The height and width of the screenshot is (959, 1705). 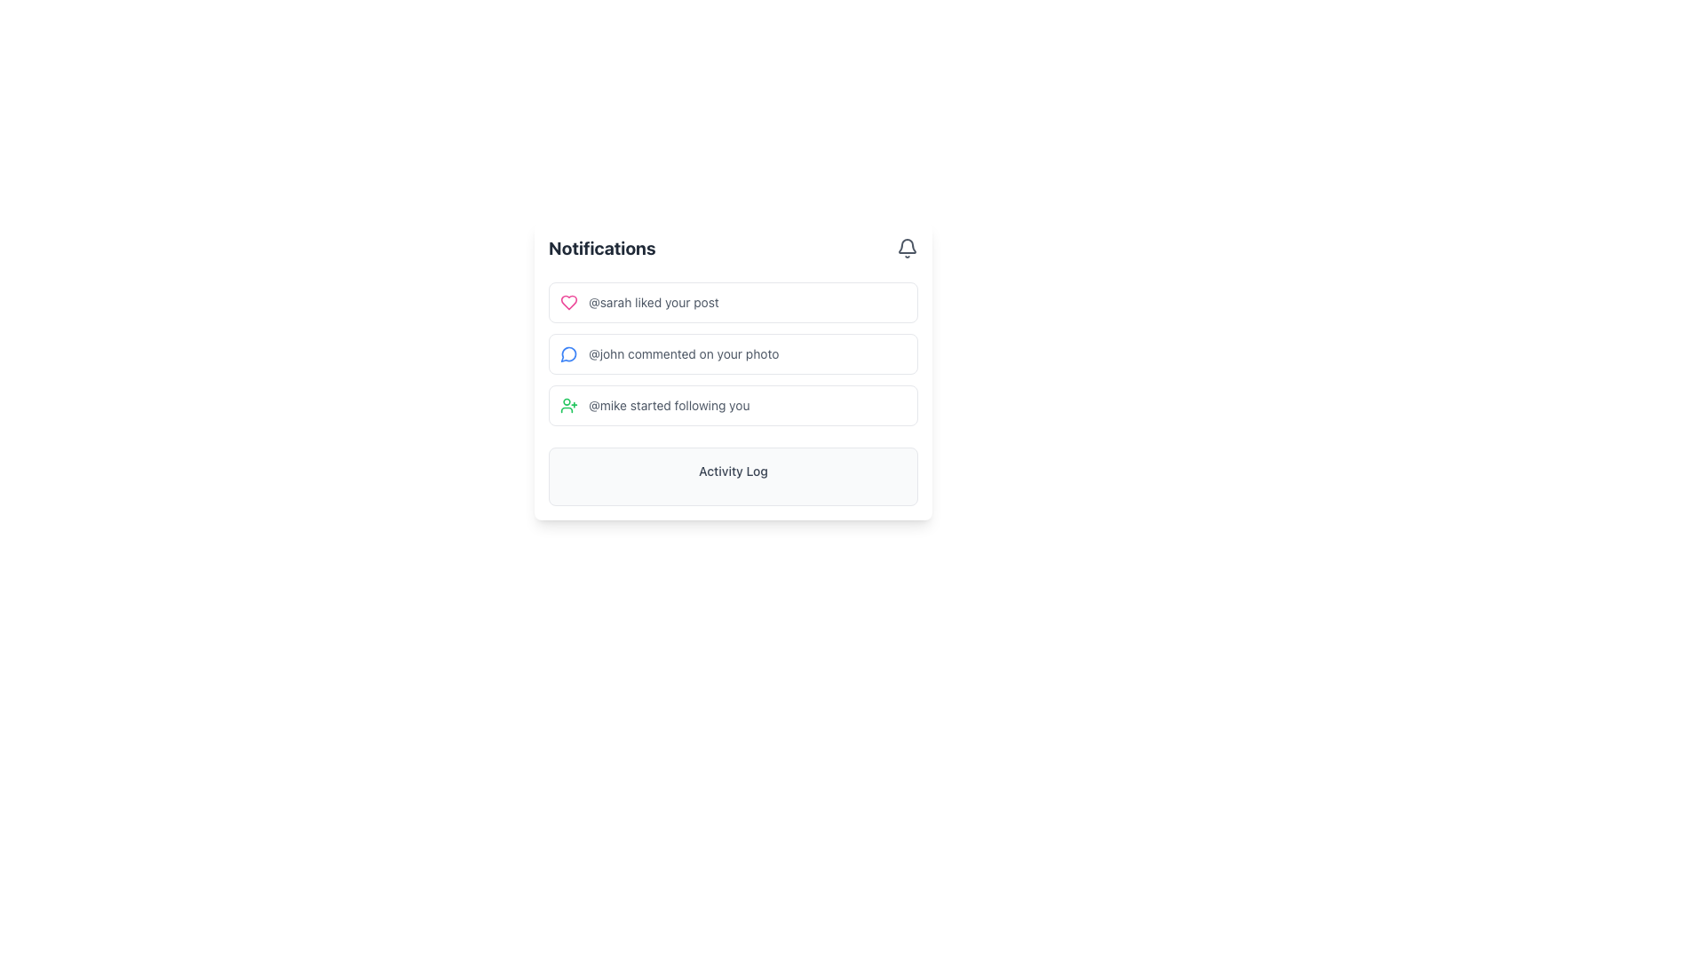 What do you see at coordinates (683, 353) in the screenshot?
I see `the notification message displayed in the read-only text field showing '@john commented on your photo'` at bounding box center [683, 353].